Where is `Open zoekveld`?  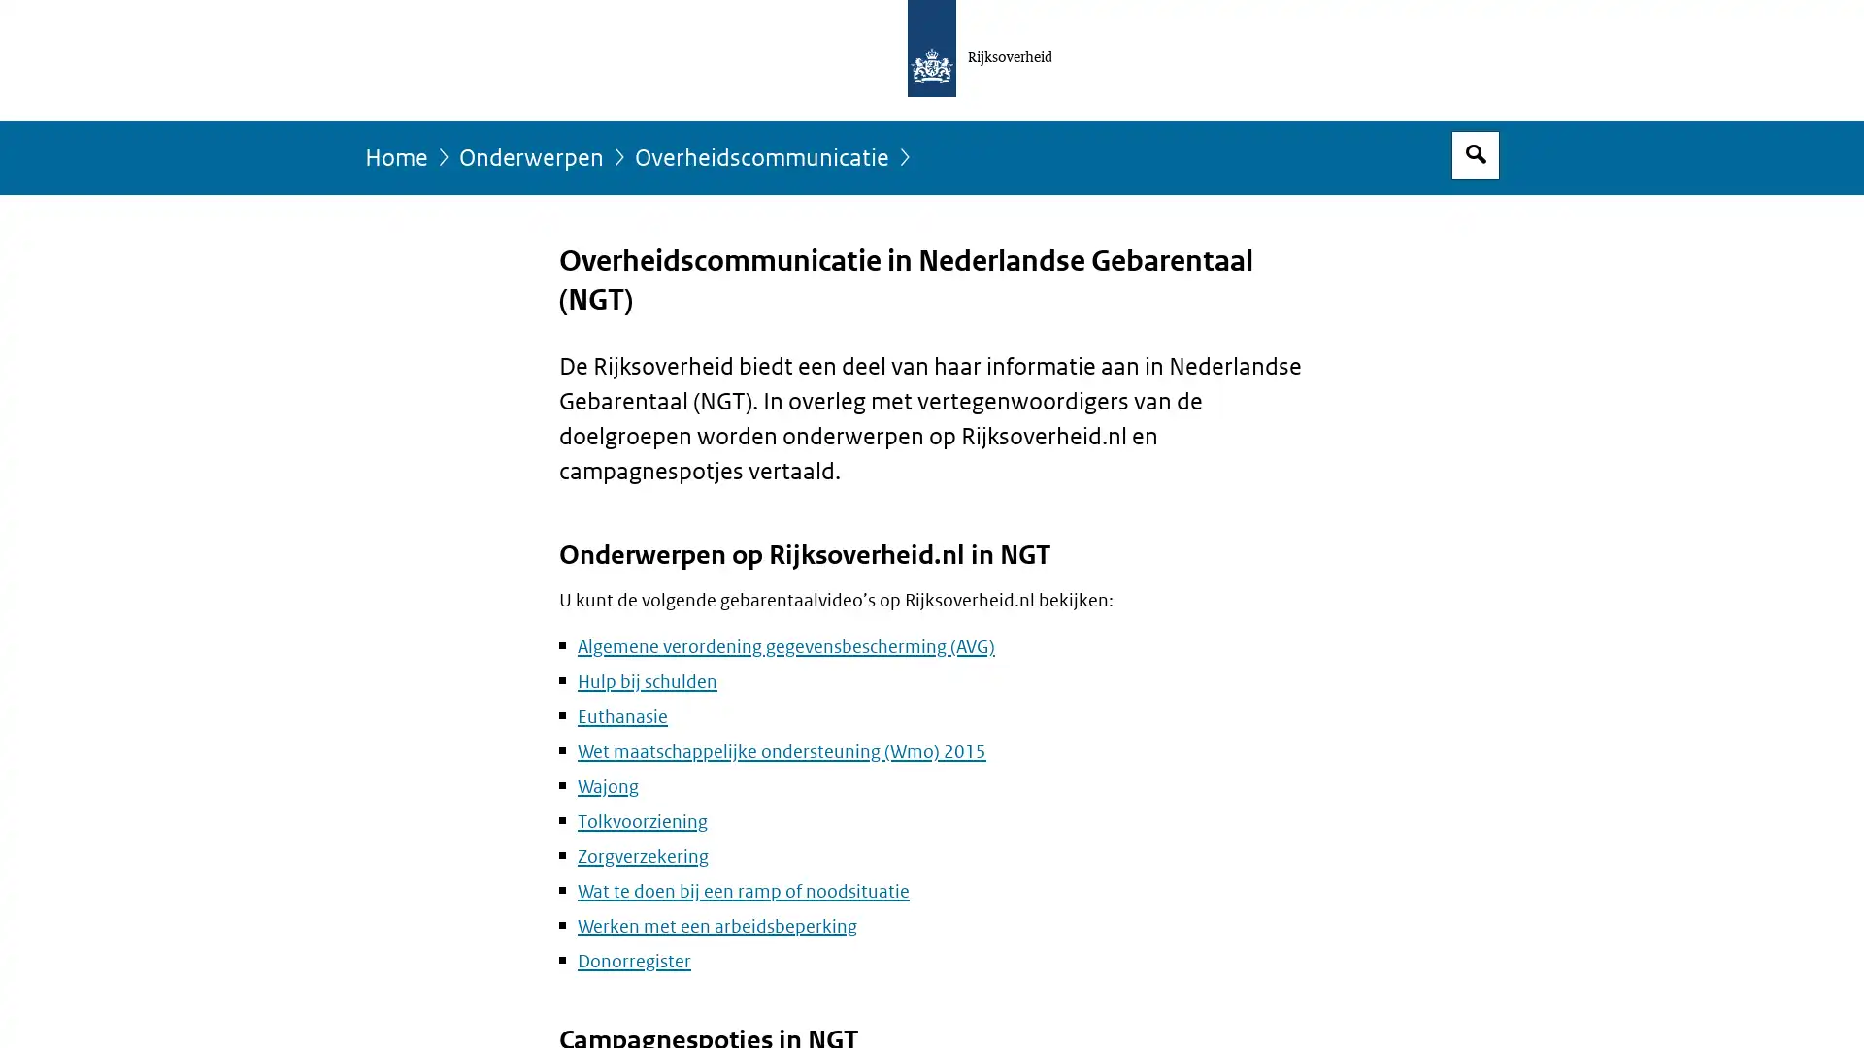 Open zoekveld is located at coordinates (1476, 153).